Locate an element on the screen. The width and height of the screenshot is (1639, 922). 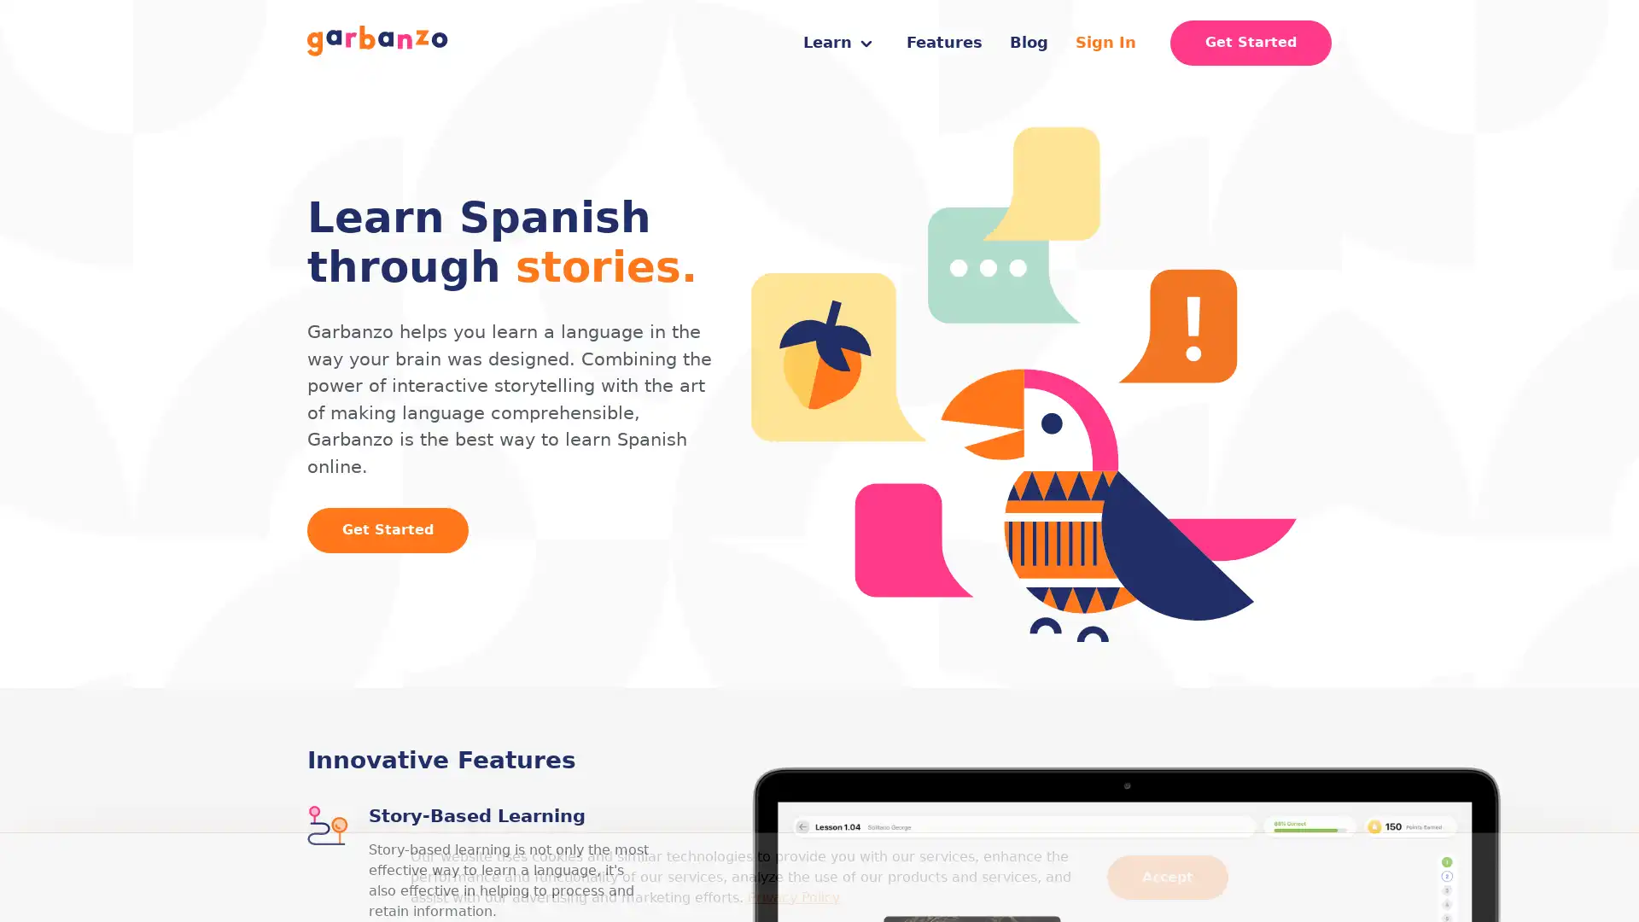
Learn is located at coordinates (837, 42).